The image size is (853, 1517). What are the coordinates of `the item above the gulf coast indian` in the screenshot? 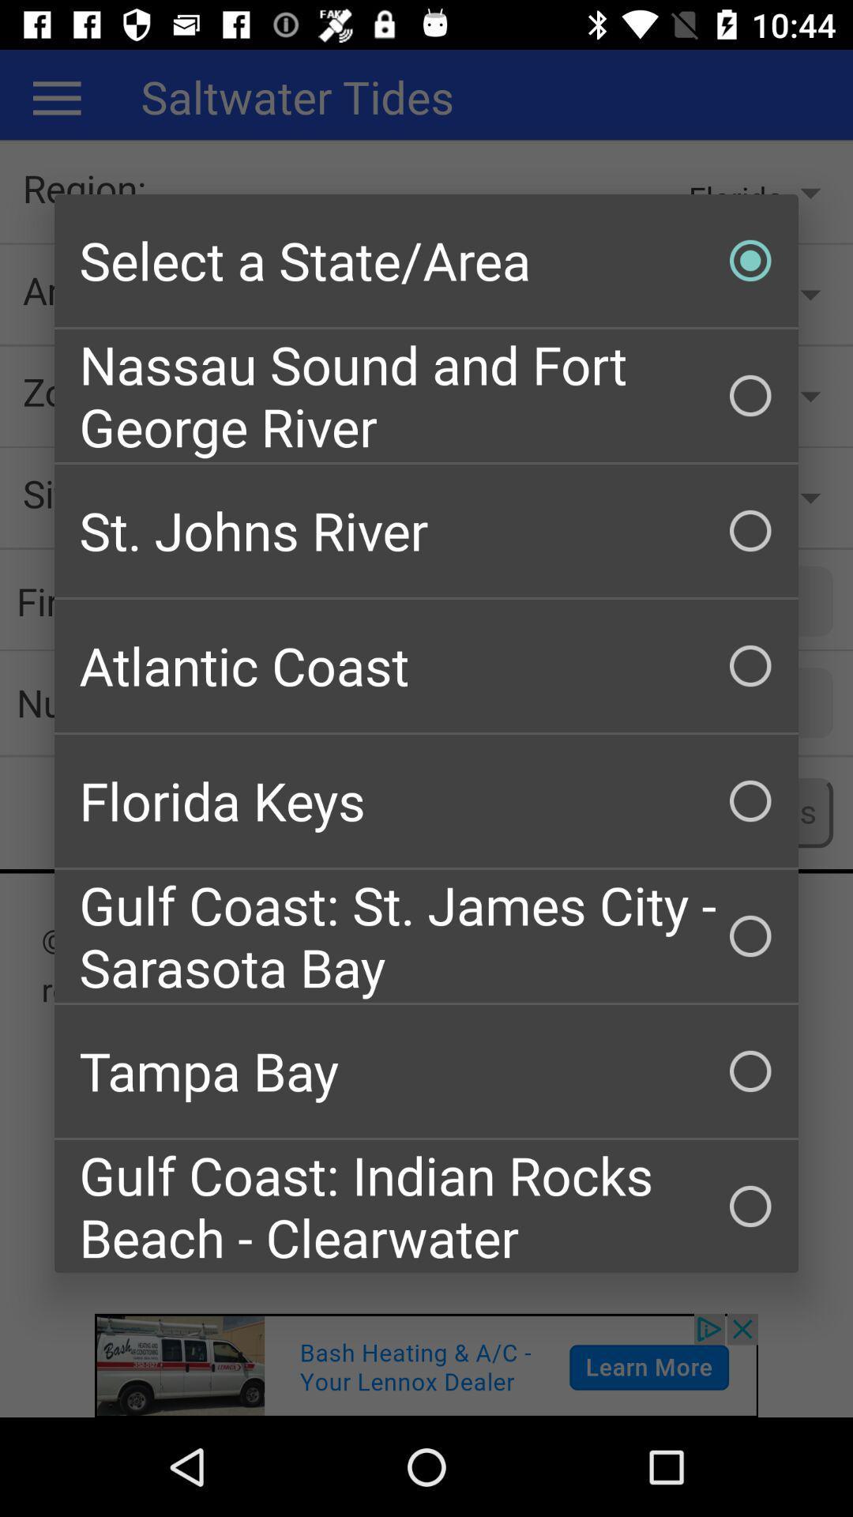 It's located at (426, 1071).